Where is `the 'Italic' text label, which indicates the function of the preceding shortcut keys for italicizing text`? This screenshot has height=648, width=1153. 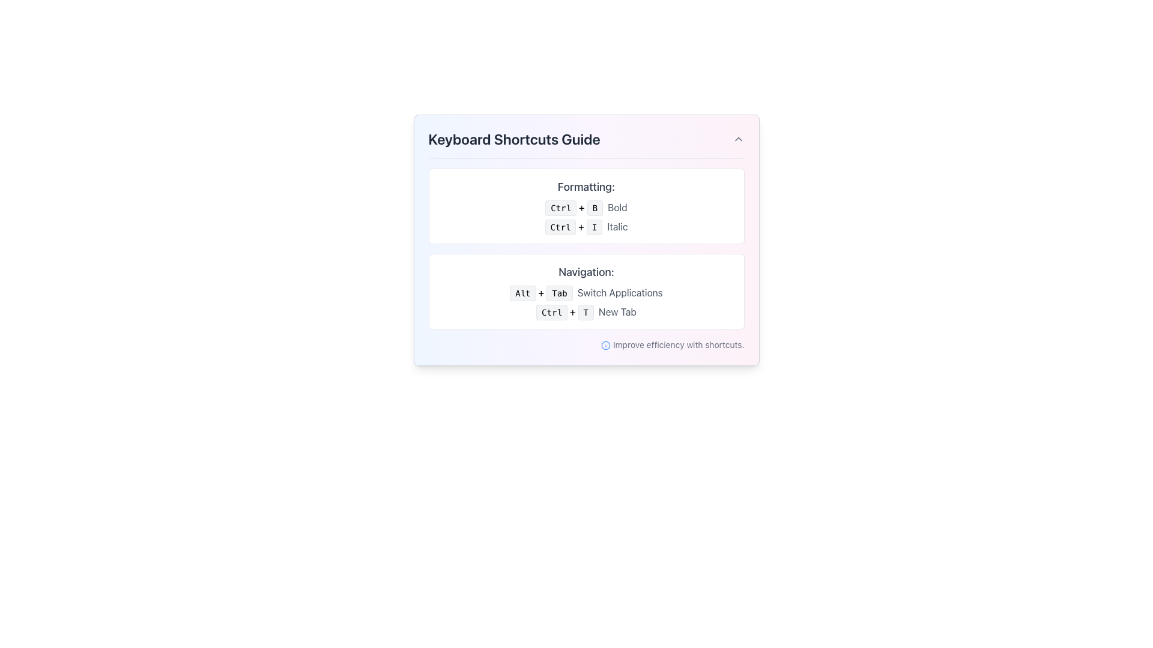 the 'Italic' text label, which indicates the function of the preceding shortcut keys for italicizing text is located at coordinates (617, 227).